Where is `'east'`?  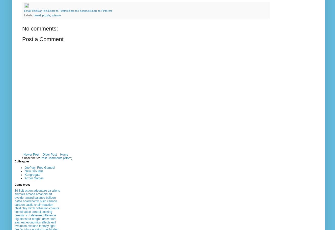 'east' is located at coordinates (17, 222).